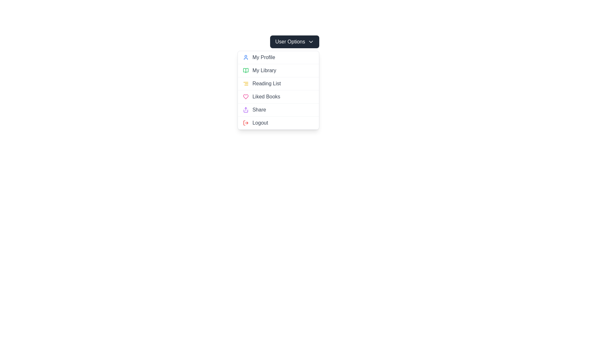 The image size is (613, 345). What do you see at coordinates (245, 83) in the screenshot?
I see `the decorative or informative icon located in the 'Reading List' row of the dropdown menu, positioned to the left of the text content` at bounding box center [245, 83].